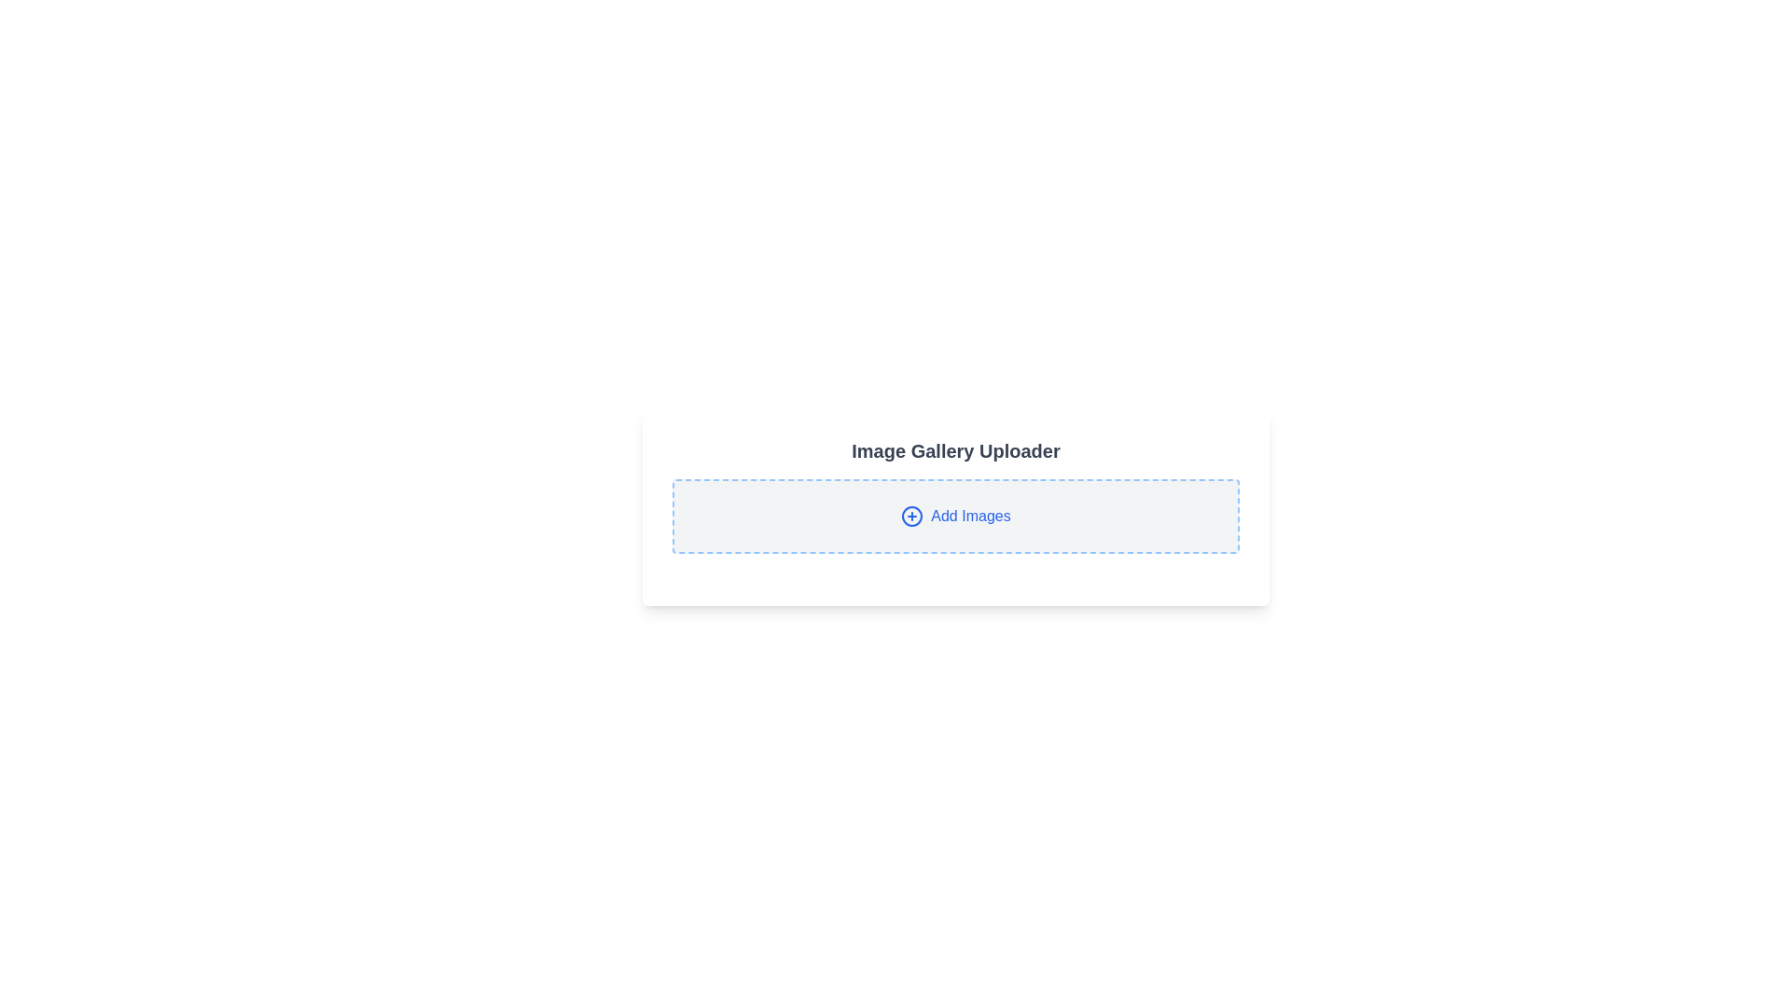 This screenshot has height=1007, width=1791. What do you see at coordinates (956, 517) in the screenshot?
I see `the button located below the 'Image Gallery Uploader' heading` at bounding box center [956, 517].